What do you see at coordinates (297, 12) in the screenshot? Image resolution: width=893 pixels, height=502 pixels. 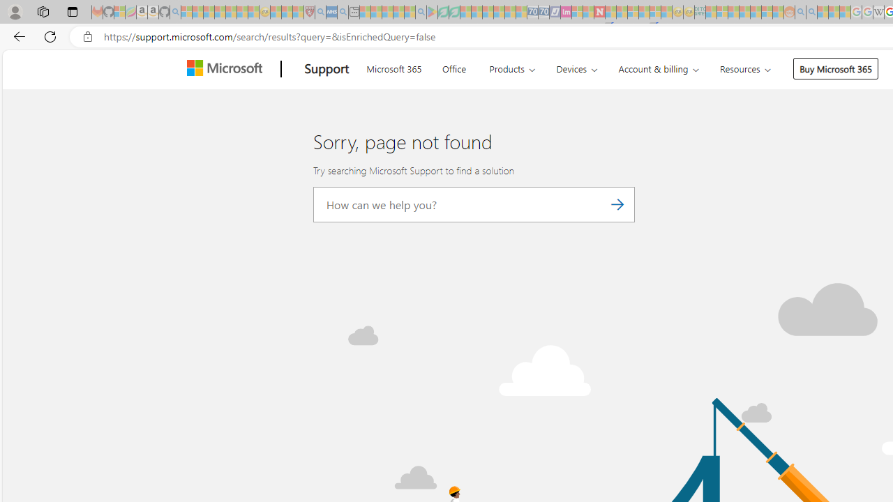 I see `'Local - MSN - Sleeping'` at bounding box center [297, 12].